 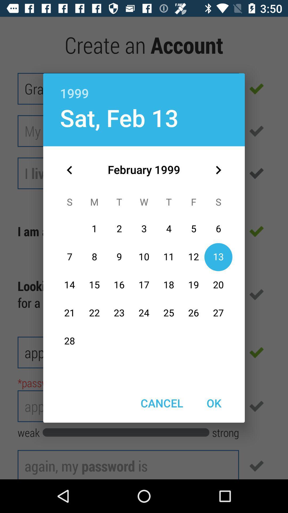 I want to click on icon at the top right corner, so click(x=218, y=170).